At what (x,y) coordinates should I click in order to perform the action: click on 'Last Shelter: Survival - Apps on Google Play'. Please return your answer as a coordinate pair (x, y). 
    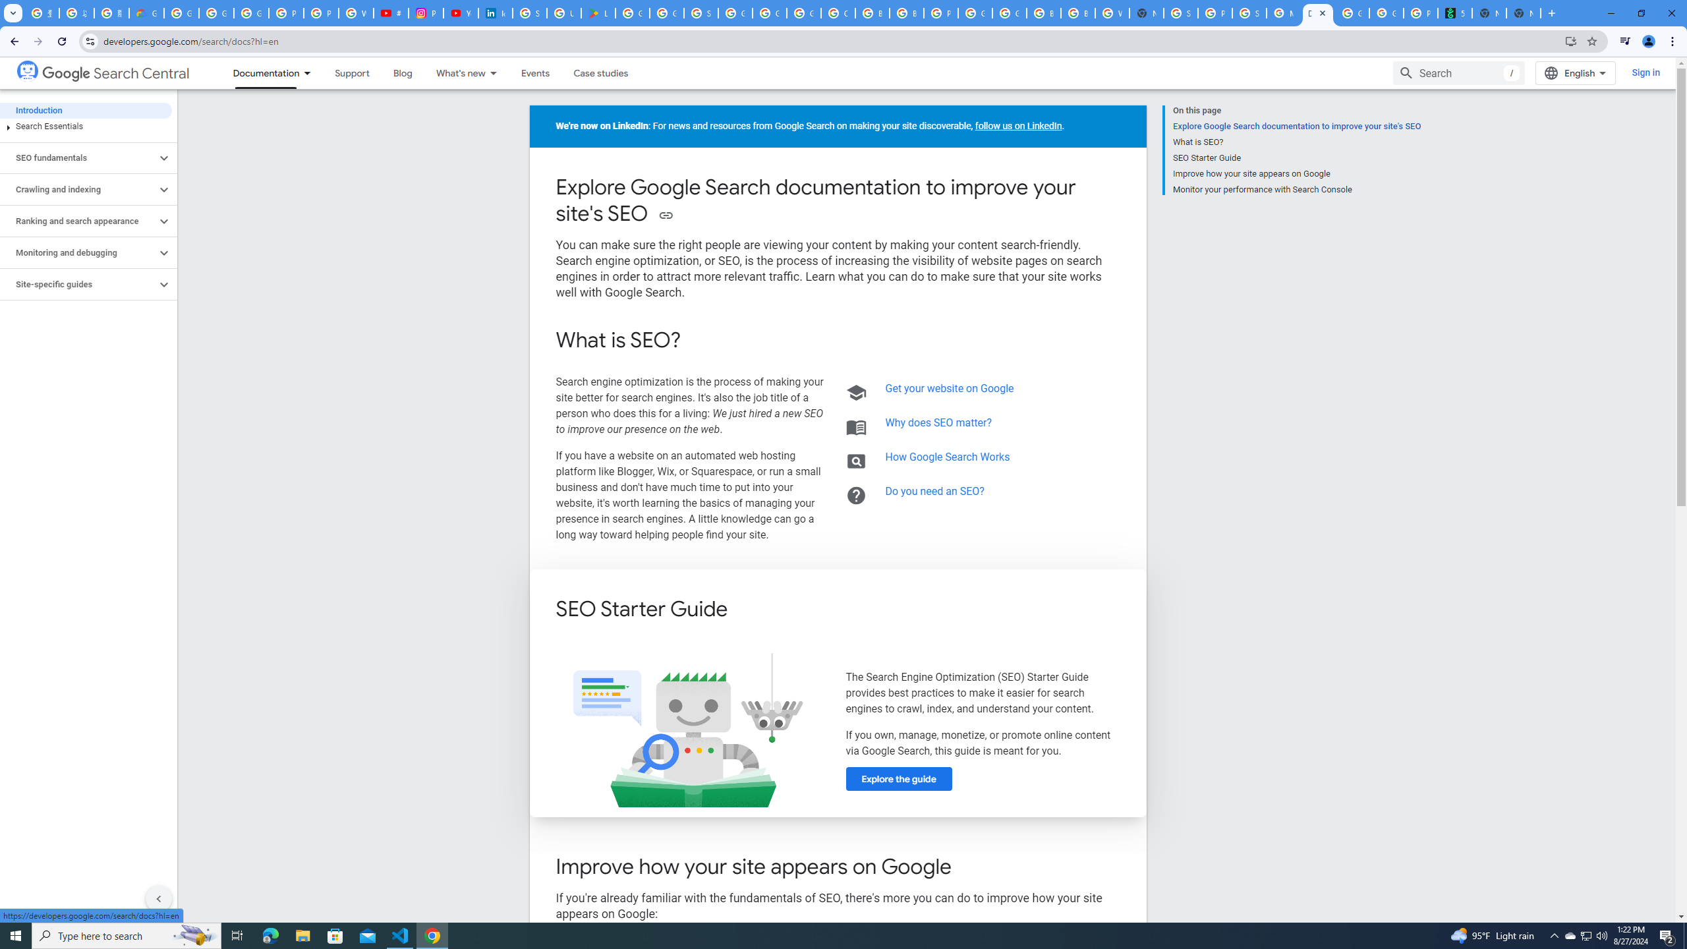
    Looking at the image, I should click on (597, 13).